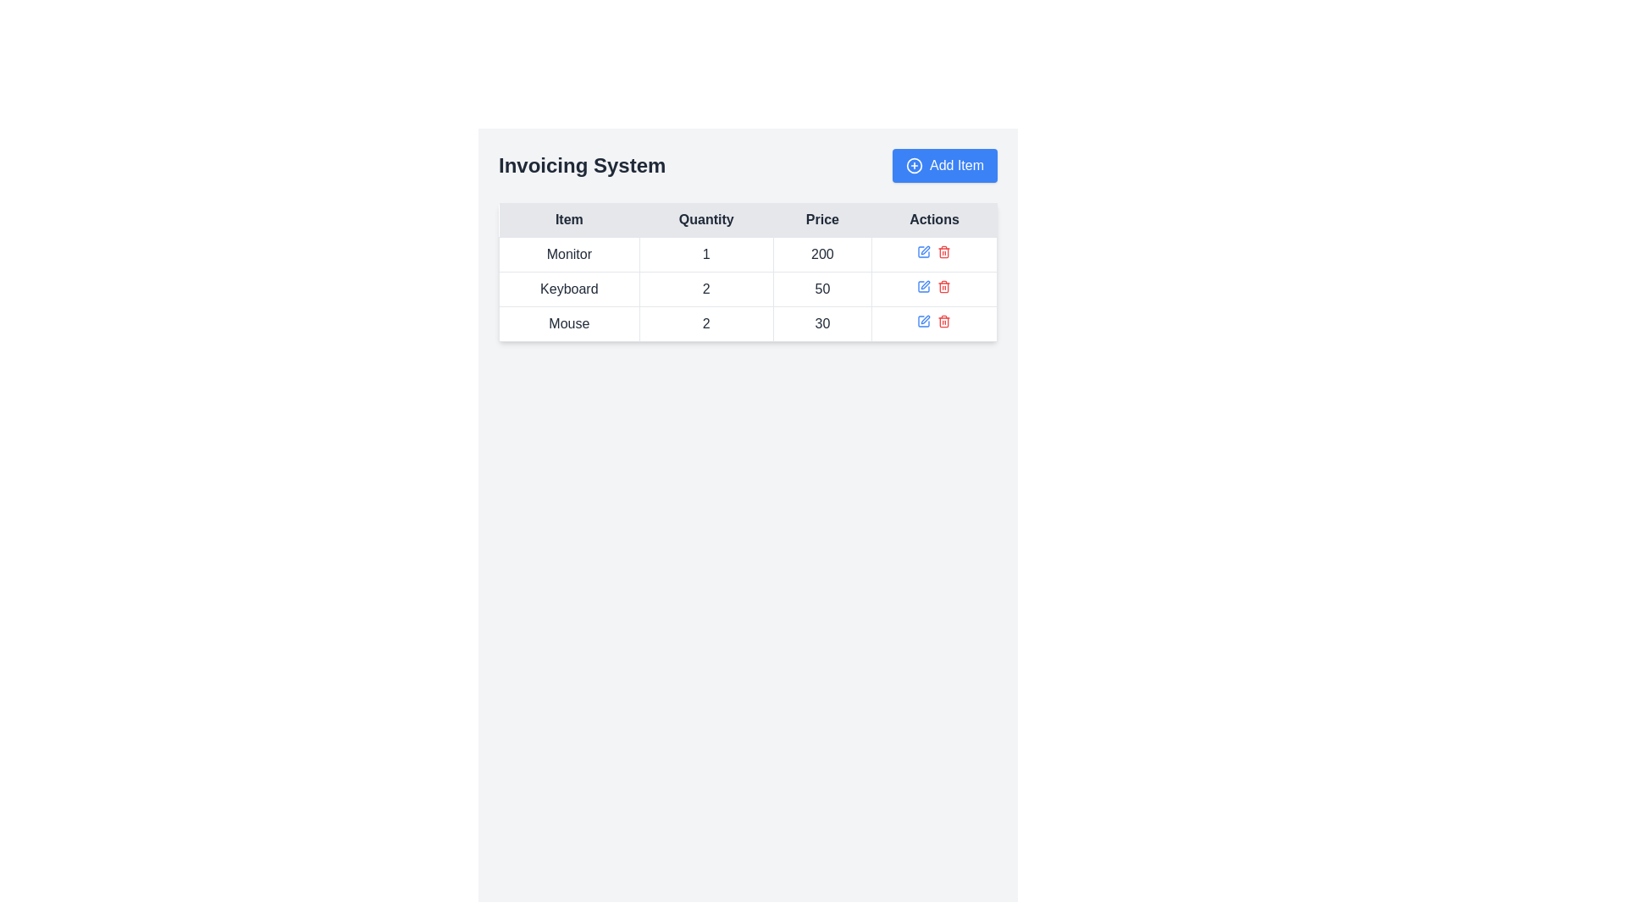 Image resolution: width=1626 pixels, height=914 pixels. Describe the element at coordinates (822, 254) in the screenshot. I see `displayed numeric value '200' from the text field located in the third cell of the row for 'Monitor' under the 'Price' column in the table` at that location.